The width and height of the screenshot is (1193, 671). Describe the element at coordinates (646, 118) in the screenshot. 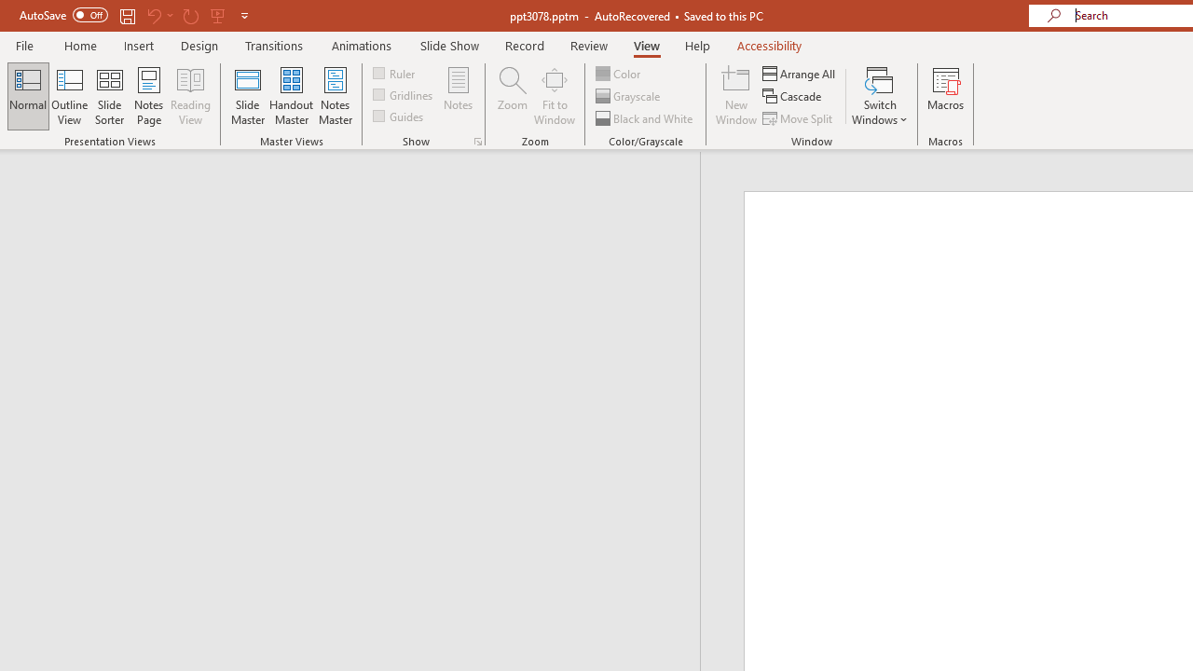

I see `'Black and White'` at that location.